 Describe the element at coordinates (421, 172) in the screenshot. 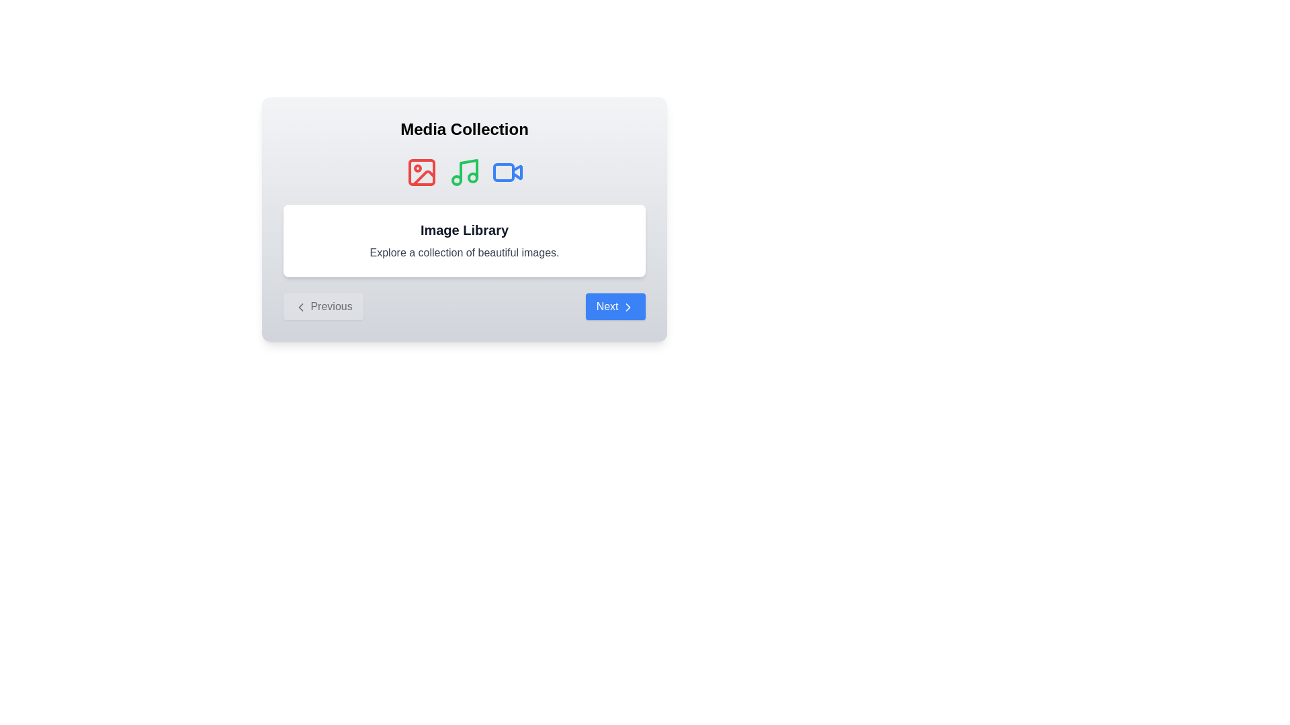

I see `the image icon to select the corresponding media library` at that location.